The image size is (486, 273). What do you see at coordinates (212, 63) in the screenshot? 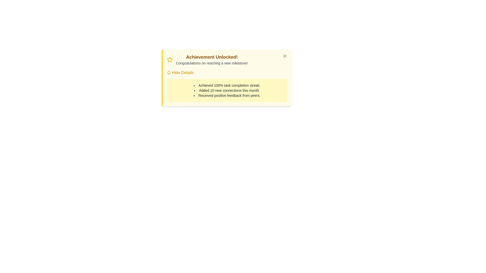
I see `the congratulatory message text label located below the headline 'Achievement Unlocked!' in the notification box` at bounding box center [212, 63].